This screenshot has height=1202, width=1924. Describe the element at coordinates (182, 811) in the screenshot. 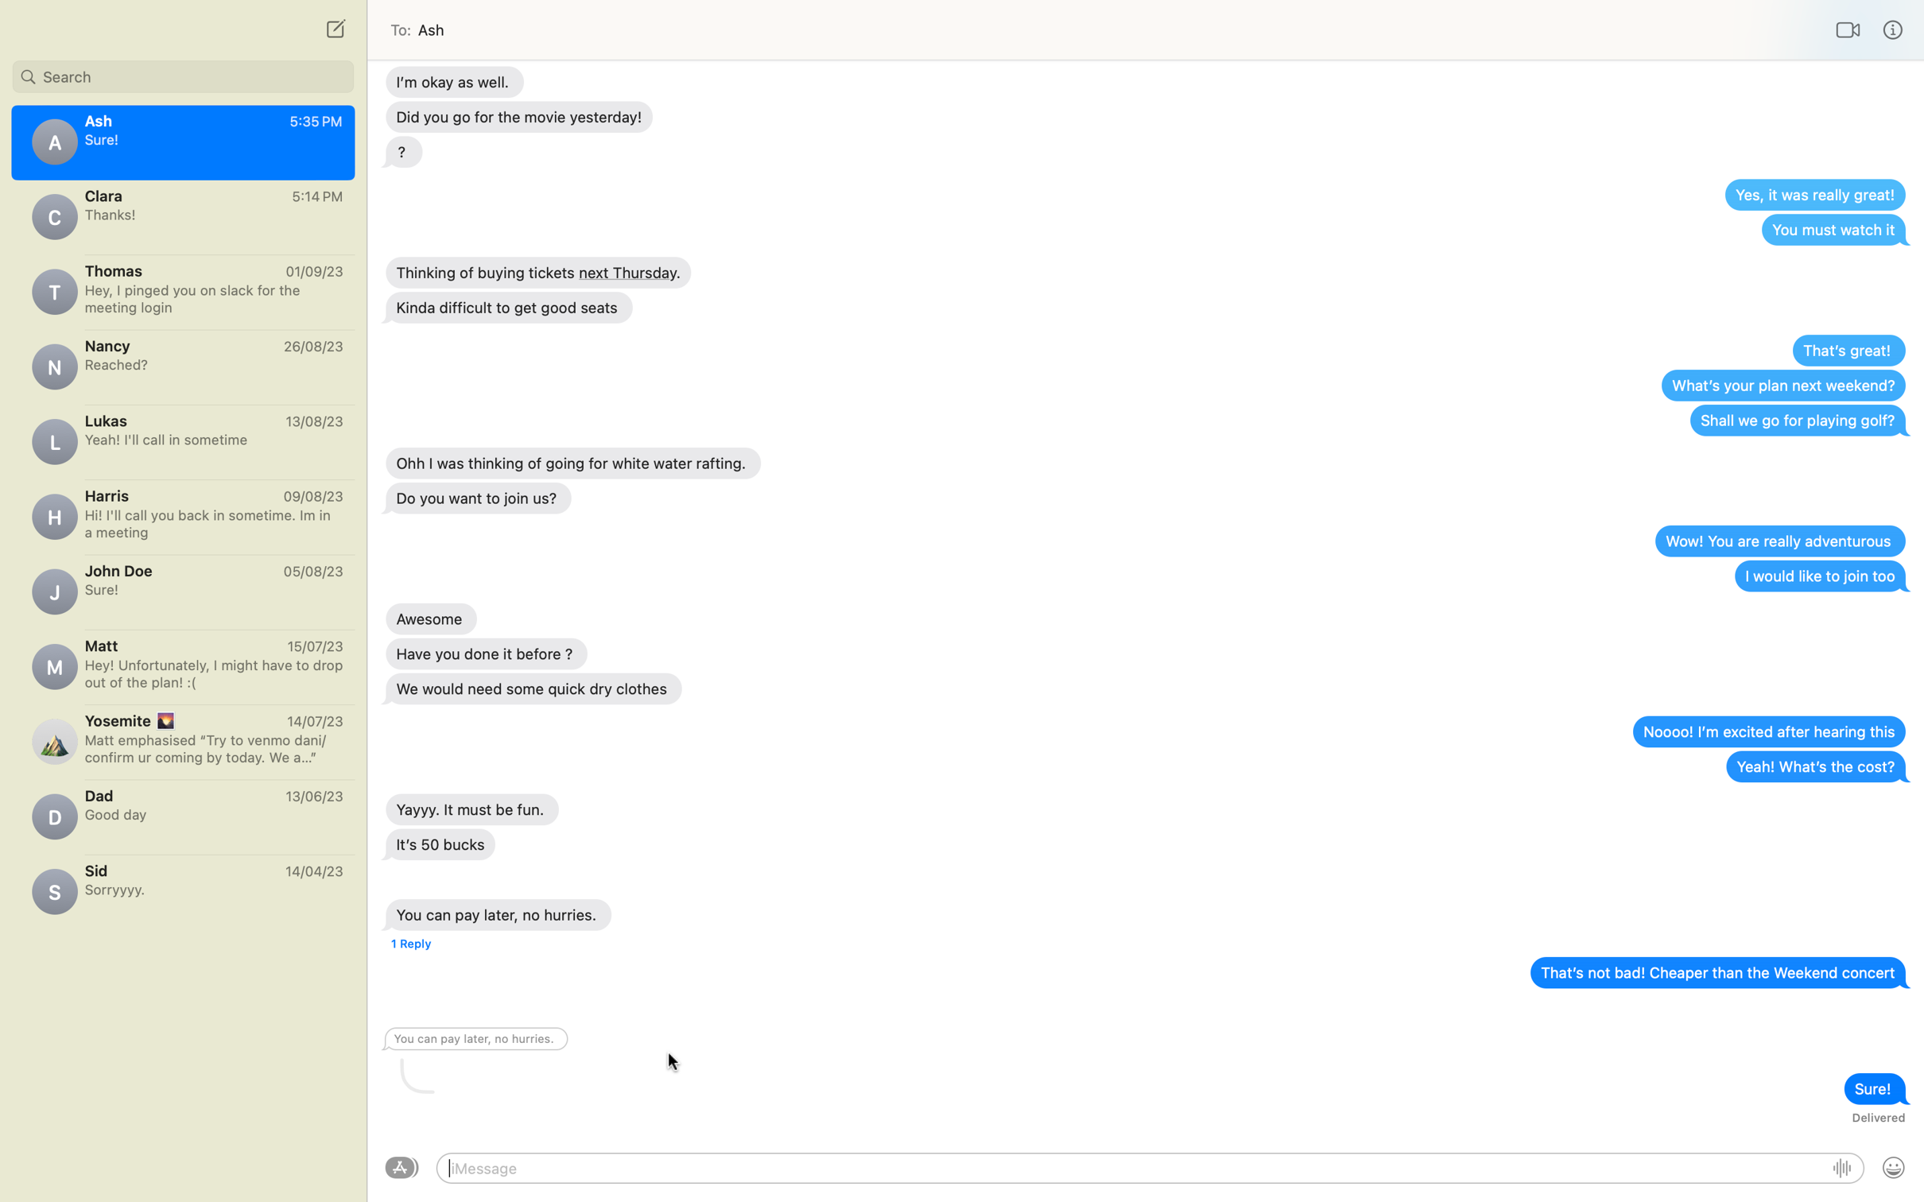

I see `Text "Love you" to dad` at that location.